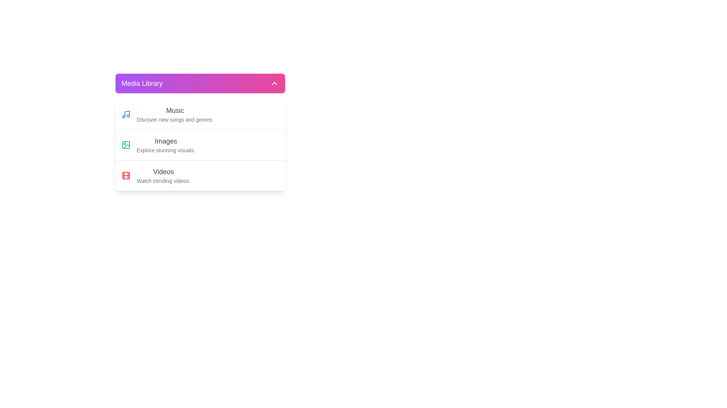 This screenshot has height=408, width=727. I want to click on the SVG icon element that represents an image, which is a small rectangle with rounded corners located to the left of the 'Images' label in the media library interface, so click(126, 145).